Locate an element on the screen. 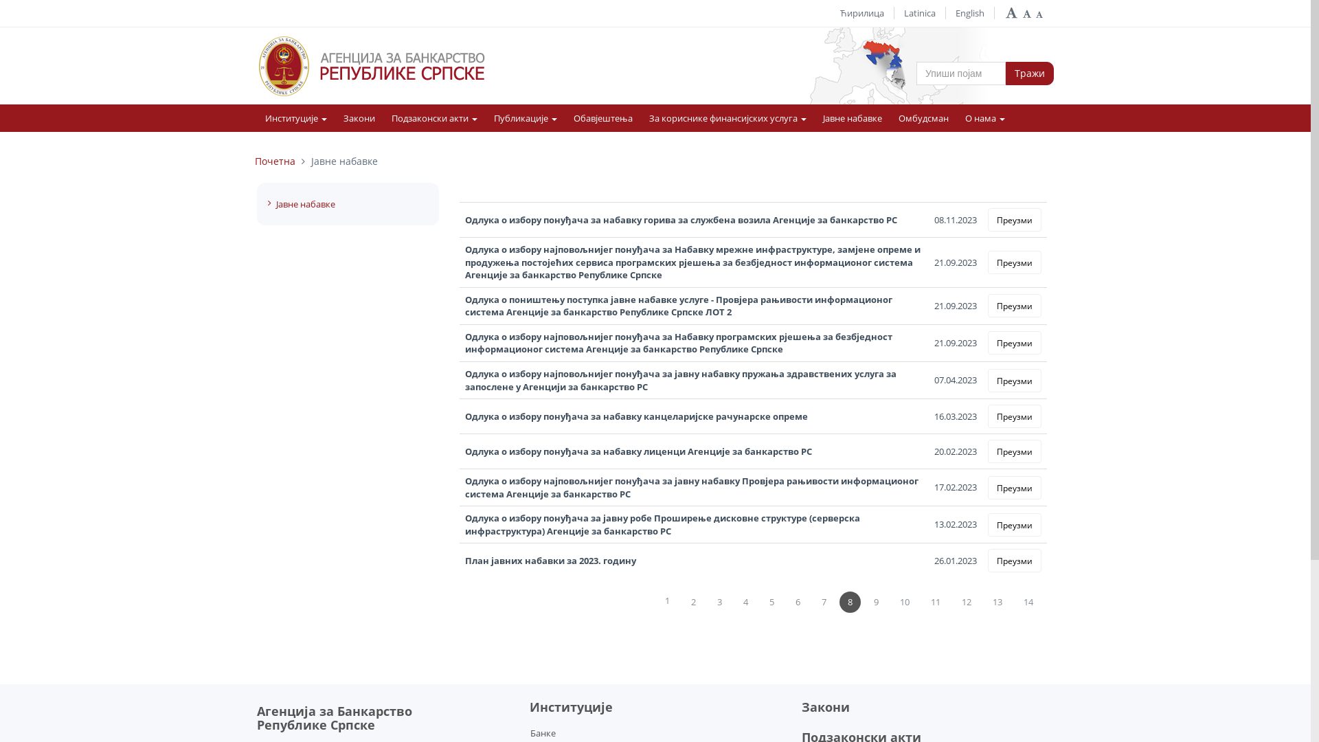 The width and height of the screenshot is (1319, 742). '2' is located at coordinates (682, 601).